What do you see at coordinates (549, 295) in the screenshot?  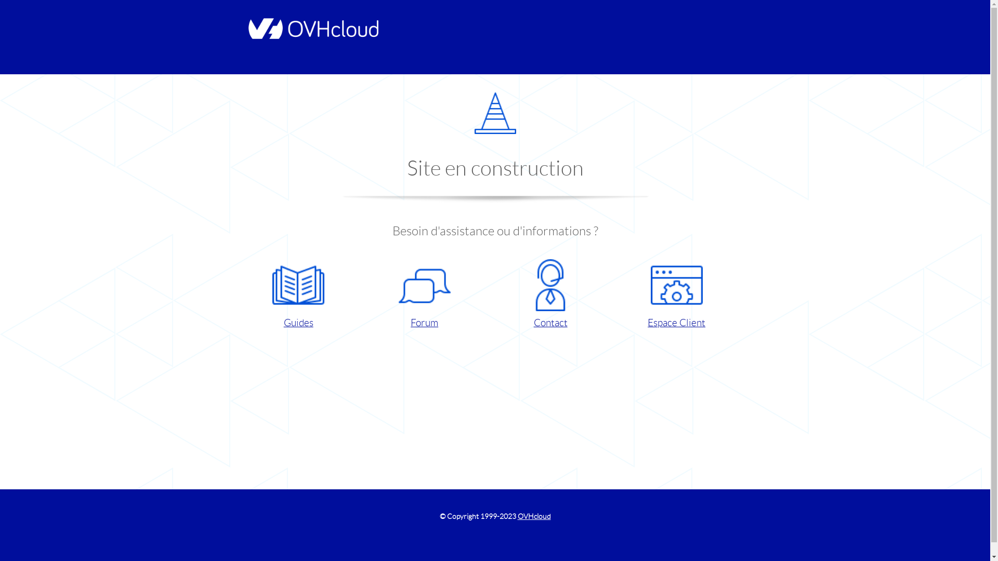 I see `'Contact'` at bounding box center [549, 295].